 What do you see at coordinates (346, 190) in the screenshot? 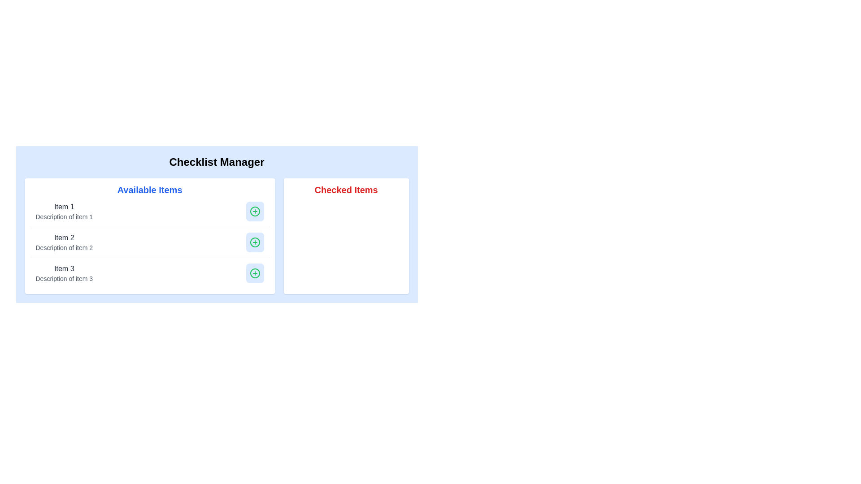
I see `the 'Checked Items' Text Label located at the top of the right-hand panel in the checklist interface` at bounding box center [346, 190].